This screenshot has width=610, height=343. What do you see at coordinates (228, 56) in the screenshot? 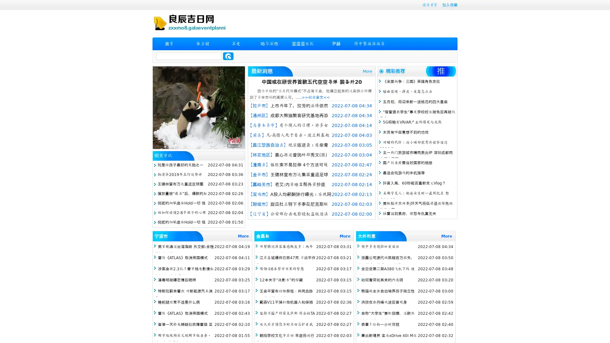
I see `Search` at bounding box center [228, 56].